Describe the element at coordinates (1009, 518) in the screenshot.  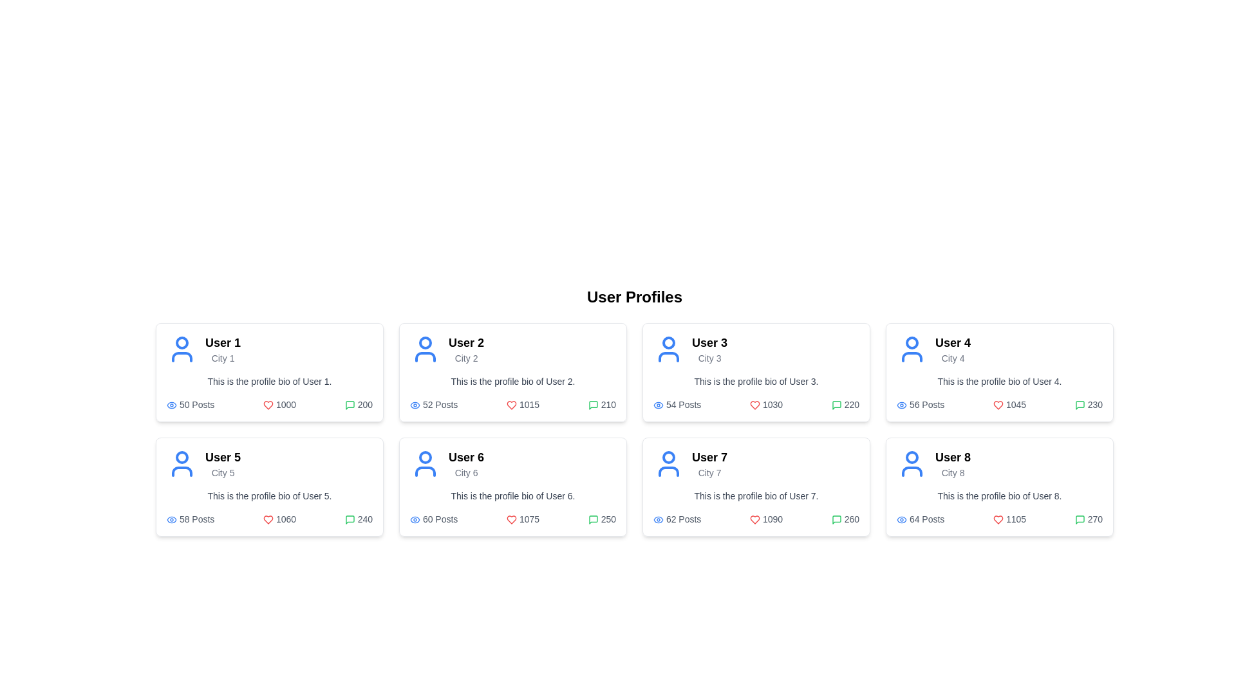
I see `the text label displaying the count of likes or favorites associated with 'User 8', which is located next to the red heart icon` at that location.